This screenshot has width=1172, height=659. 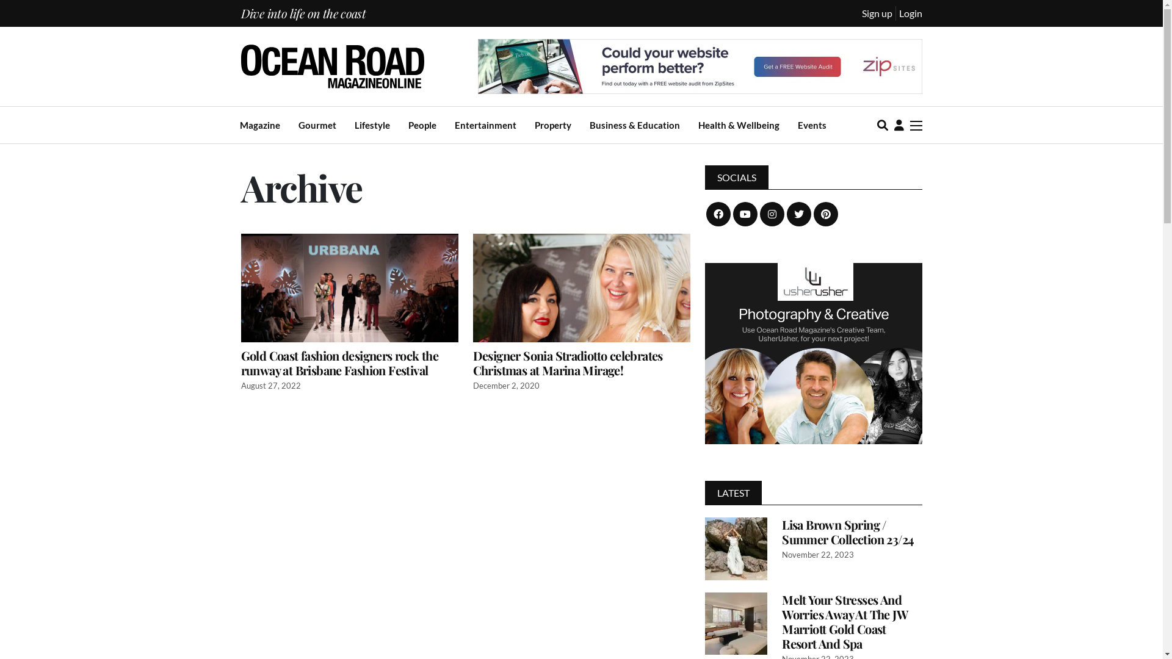 What do you see at coordinates (316, 125) in the screenshot?
I see `'Gourmet'` at bounding box center [316, 125].